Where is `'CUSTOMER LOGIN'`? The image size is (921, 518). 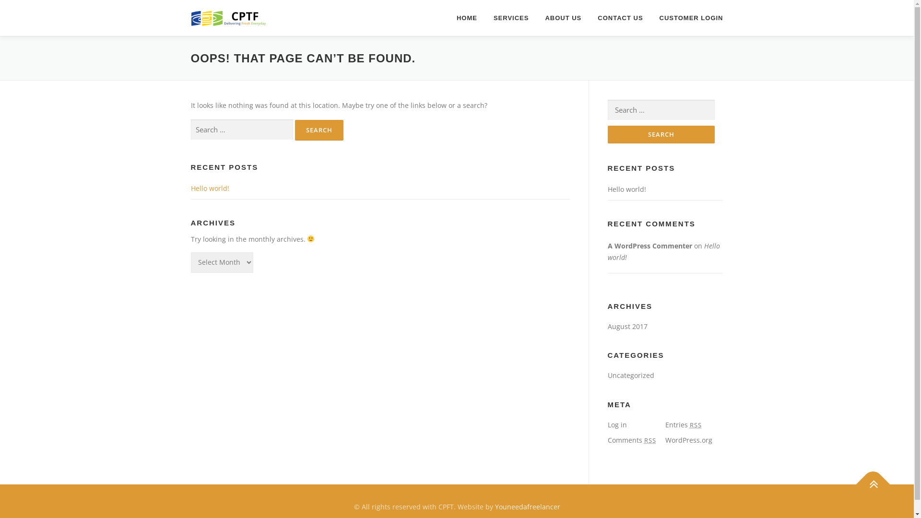 'CUSTOMER LOGIN' is located at coordinates (687, 18).